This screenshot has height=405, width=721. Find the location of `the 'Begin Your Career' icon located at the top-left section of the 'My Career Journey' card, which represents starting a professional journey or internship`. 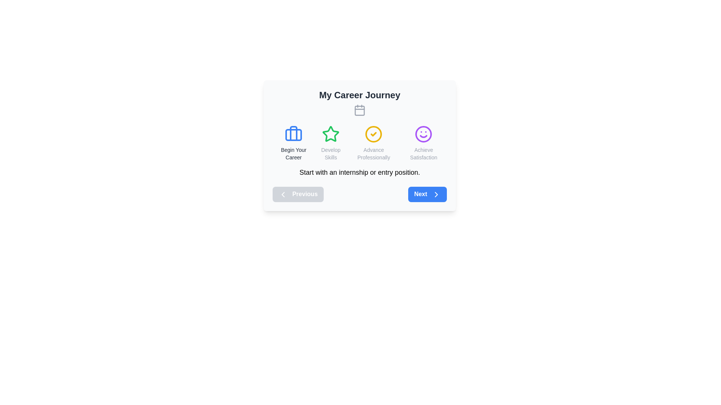

the 'Begin Your Career' icon located at the top-left section of the 'My Career Journey' card, which represents starting a professional journey or internship is located at coordinates (293, 134).